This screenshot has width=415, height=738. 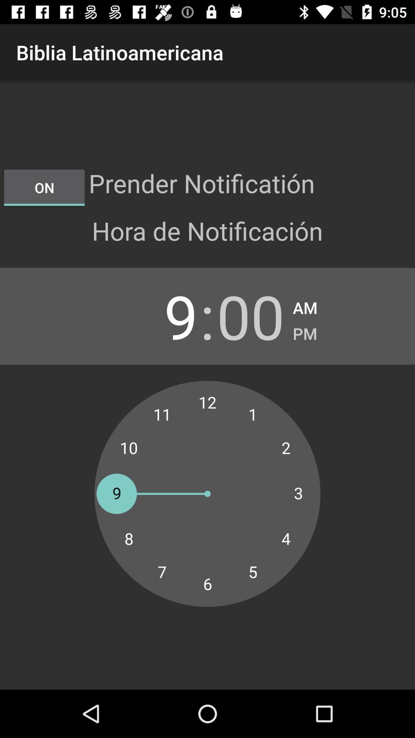 What do you see at coordinates (304, 331) in the screenshot?
I see `checkbox below the am` at bounding box center [304, 331].